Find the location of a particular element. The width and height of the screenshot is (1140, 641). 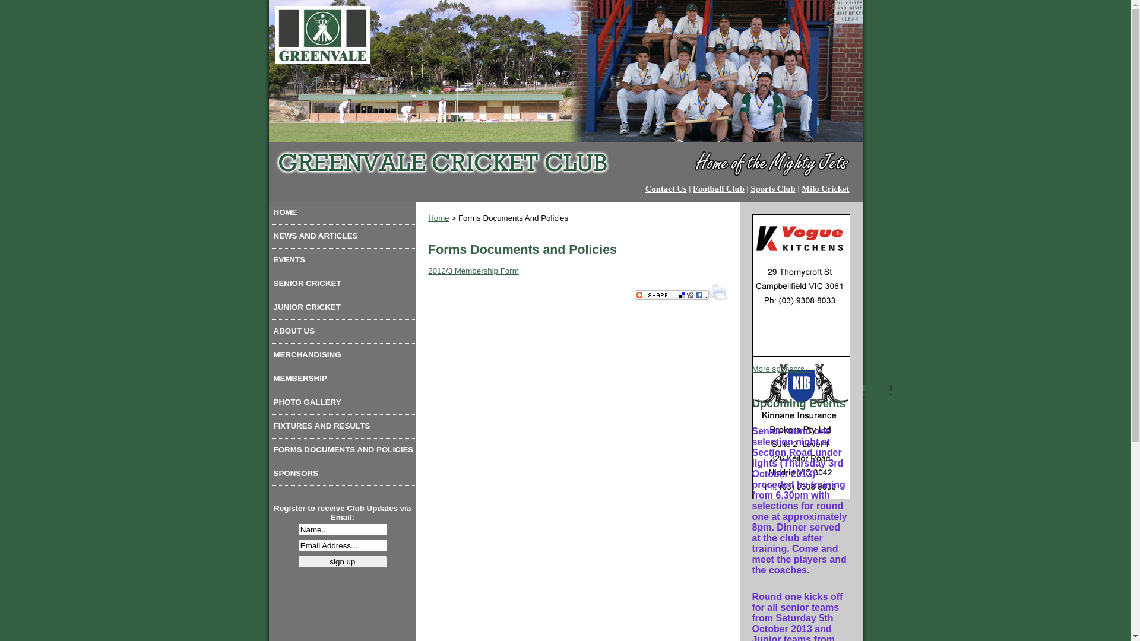

'Football Club' is located at coordinates (718, 188).